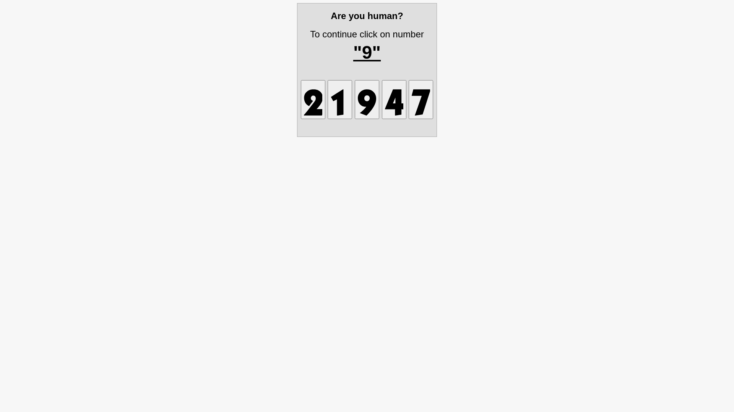  I want to click on '1732443118996559', so click(394, 99).